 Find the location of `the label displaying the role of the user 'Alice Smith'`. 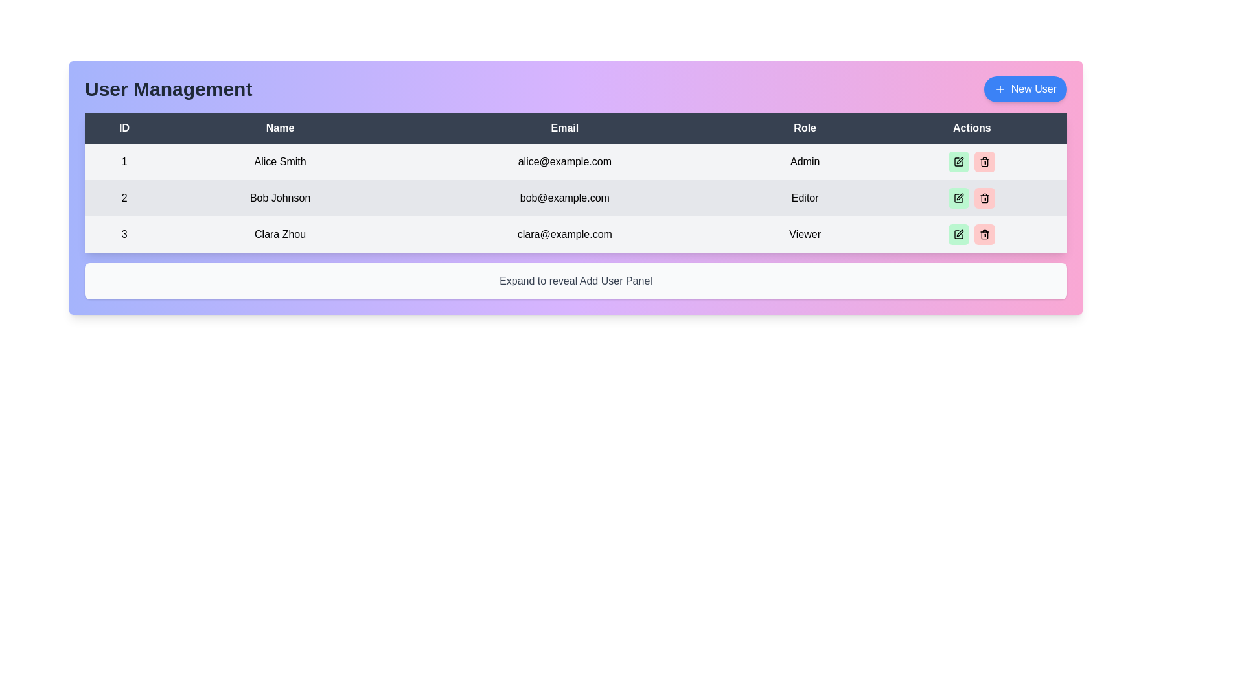

the label displaying the role of the user 'Alice Smith' is located at coordinates (804, 161).